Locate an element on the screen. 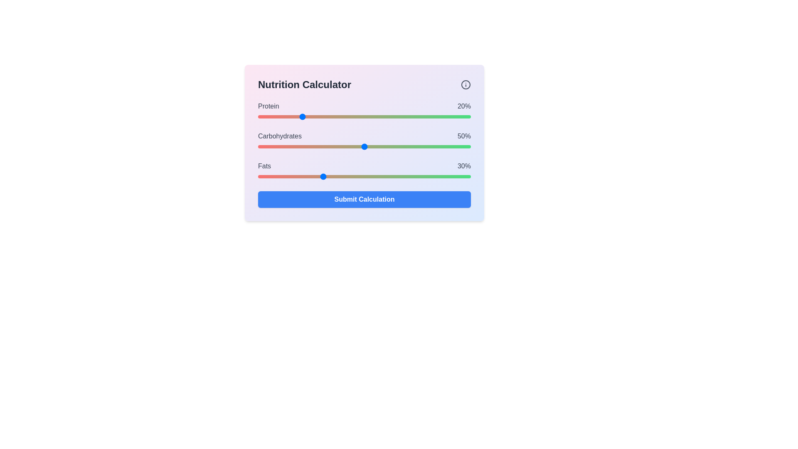  the info icon is located at coordinates (466, 85).